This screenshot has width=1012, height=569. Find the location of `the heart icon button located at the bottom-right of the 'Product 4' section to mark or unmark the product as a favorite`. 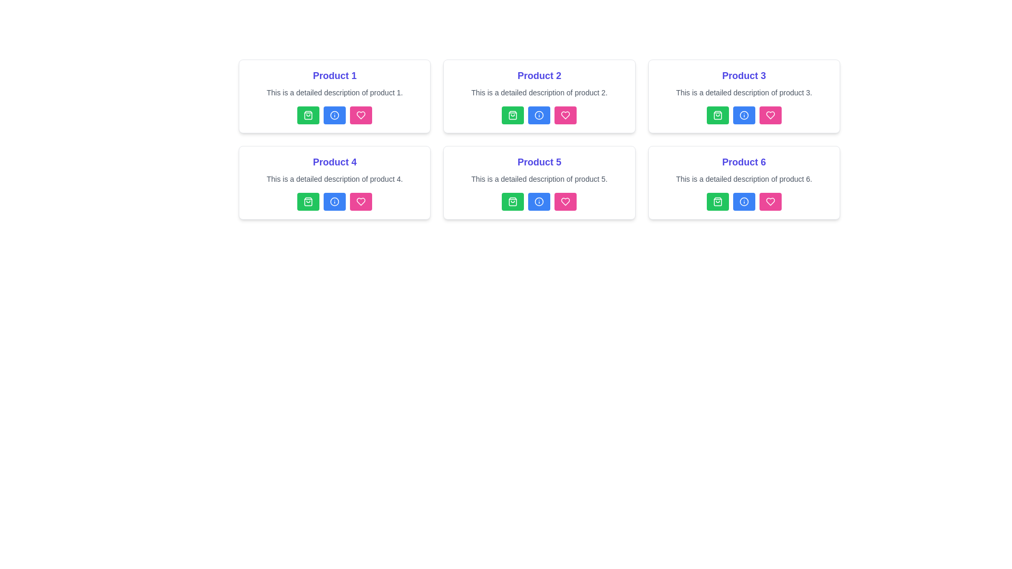

the heart icon button located at the bottom-right of the 'Product 4' section to mark or unmark the product as a favorite is located at coordinates (361, 115).